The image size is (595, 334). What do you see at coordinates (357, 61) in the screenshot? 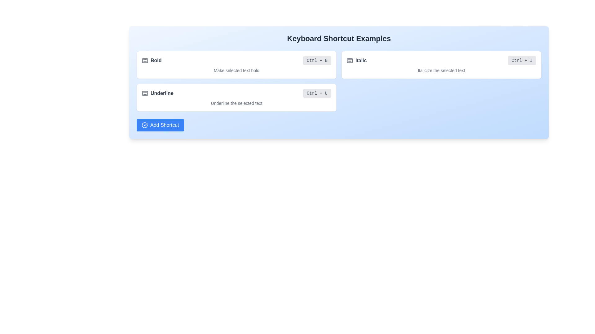
I see `the 'Italic' text label, which is a bold, dark gray label positioned next to a keyboard icon in the top-right shortcut row` at bounding box center [357, 61].